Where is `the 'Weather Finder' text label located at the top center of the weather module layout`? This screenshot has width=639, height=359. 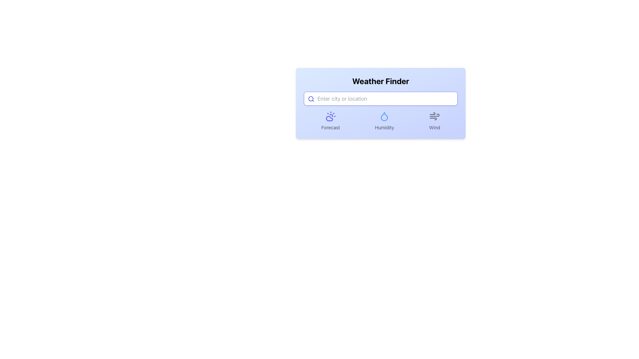 the 'Weather Finder' text label located at the top center of the weather module layout is located at coordinates (380, 80).